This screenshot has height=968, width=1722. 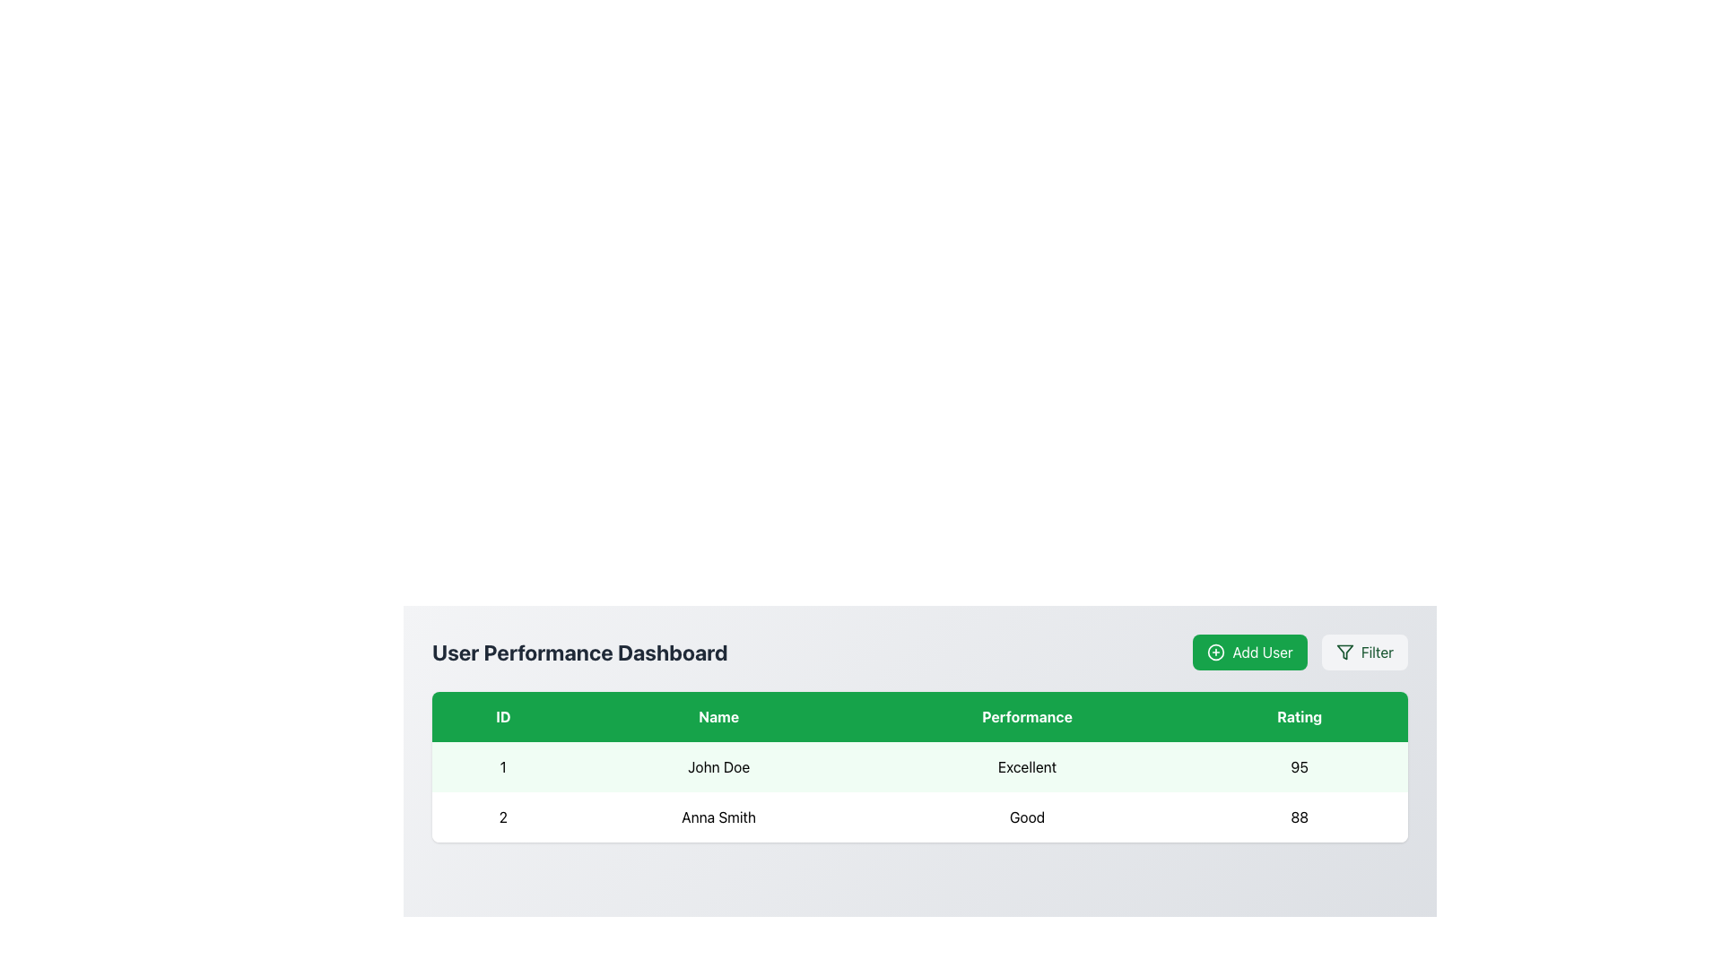 What do you see at coordinates (718, 817) in the screenshot?
I see `the static text element displaying 'Anna Smith' in the second cell of the 'Name' column, which is located in the second row of the table` at bounding box center [718, 817].